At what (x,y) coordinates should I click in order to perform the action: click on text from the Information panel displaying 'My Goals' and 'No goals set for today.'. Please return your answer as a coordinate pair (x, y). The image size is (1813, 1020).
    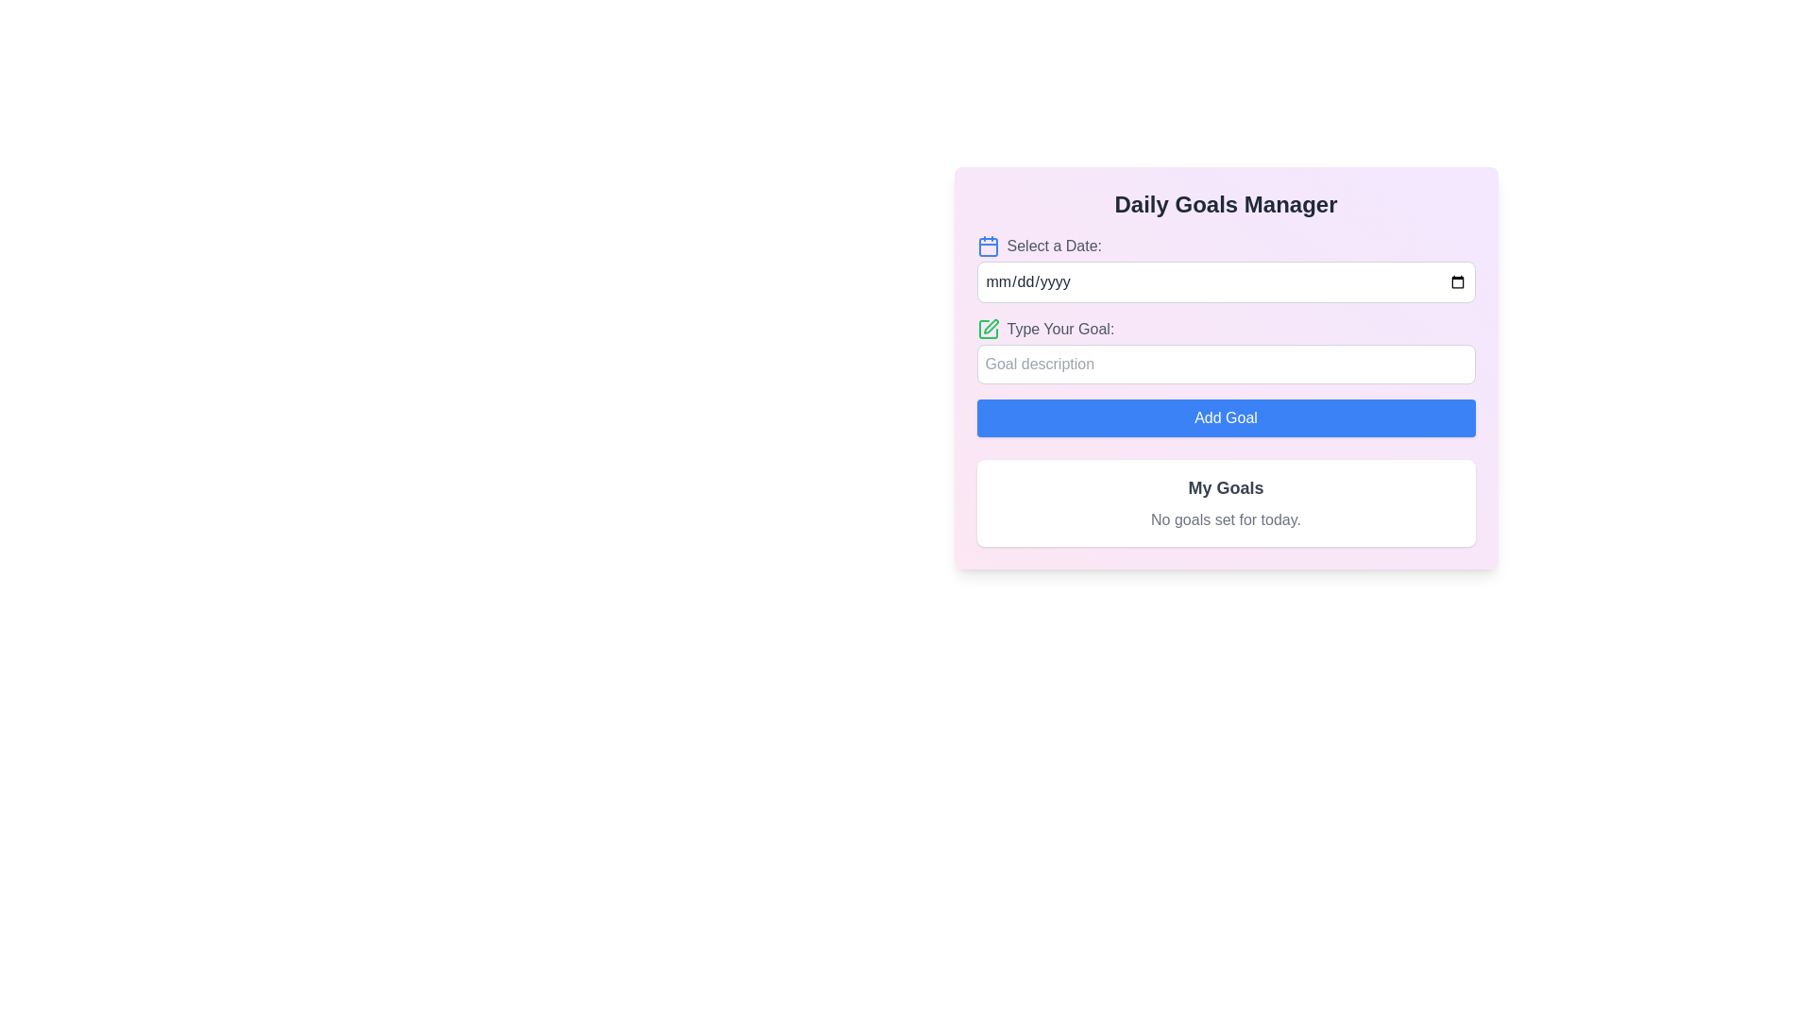
    Looking at the image, I should click on (1226, 501).